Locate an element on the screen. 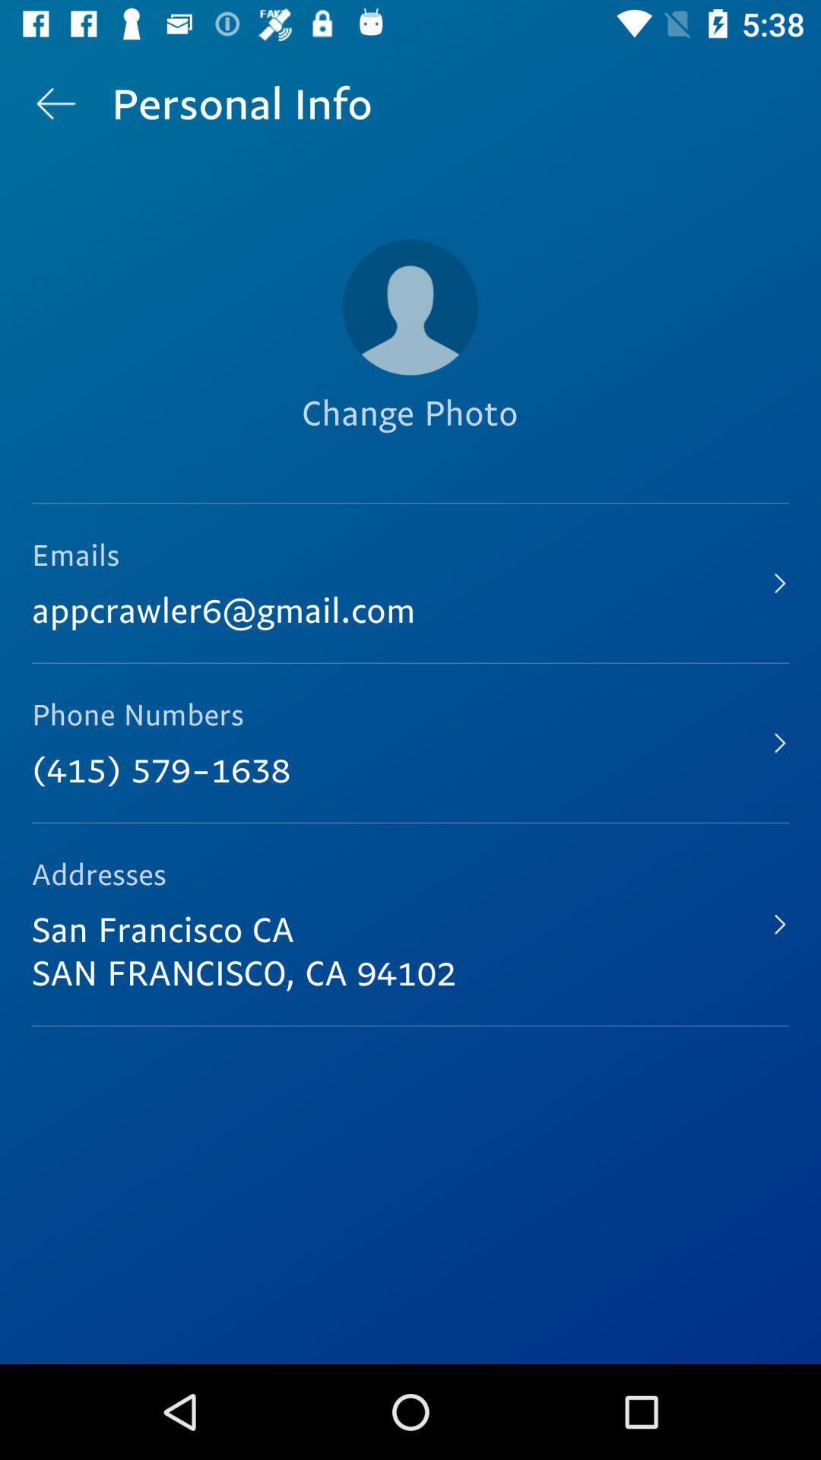 The width and height of the screenshot is (821, 1460). the icon above change photo is located at coordinates (410, 306).